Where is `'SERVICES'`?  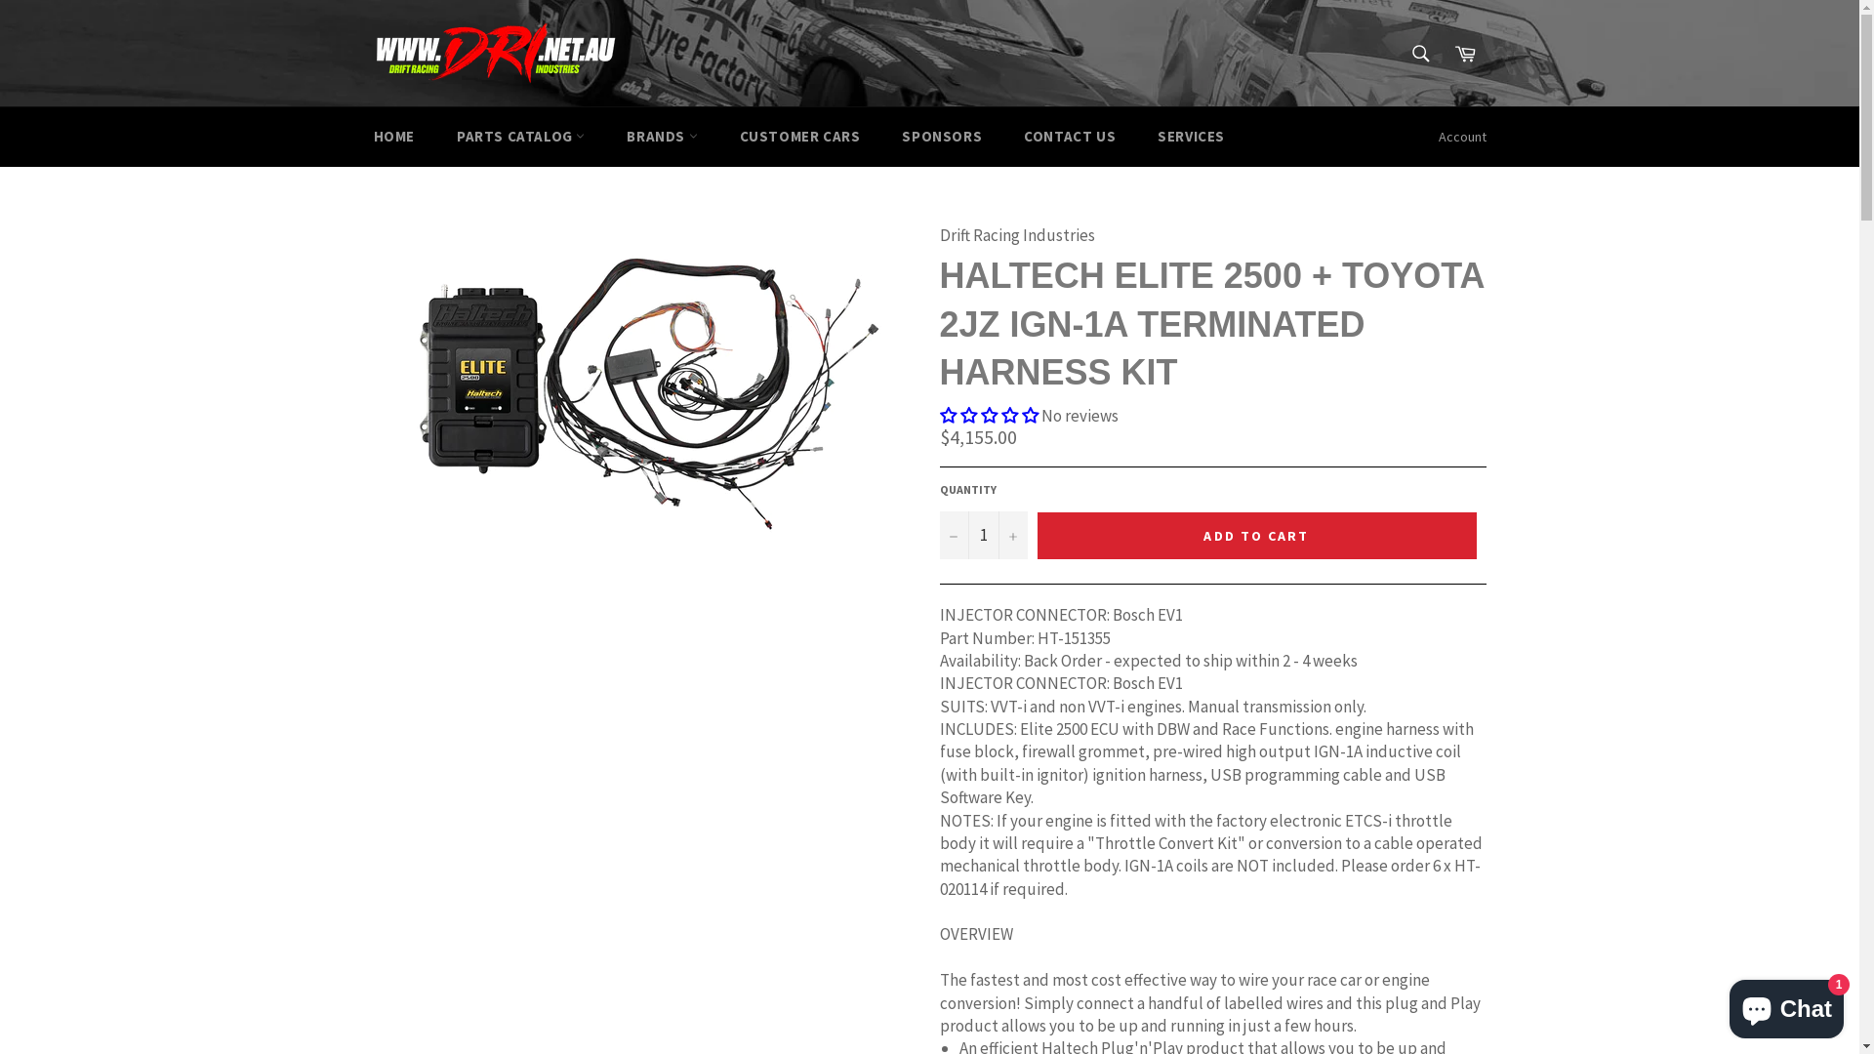 'SERVICES' is located at coordinates (1190, 136).